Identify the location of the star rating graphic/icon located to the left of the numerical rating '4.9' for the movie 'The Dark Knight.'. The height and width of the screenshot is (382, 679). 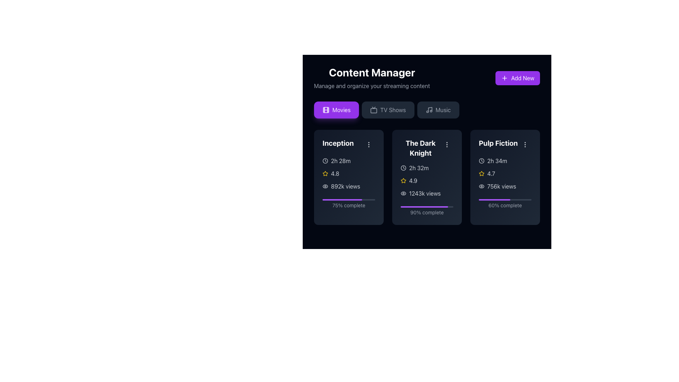
(404, 180).